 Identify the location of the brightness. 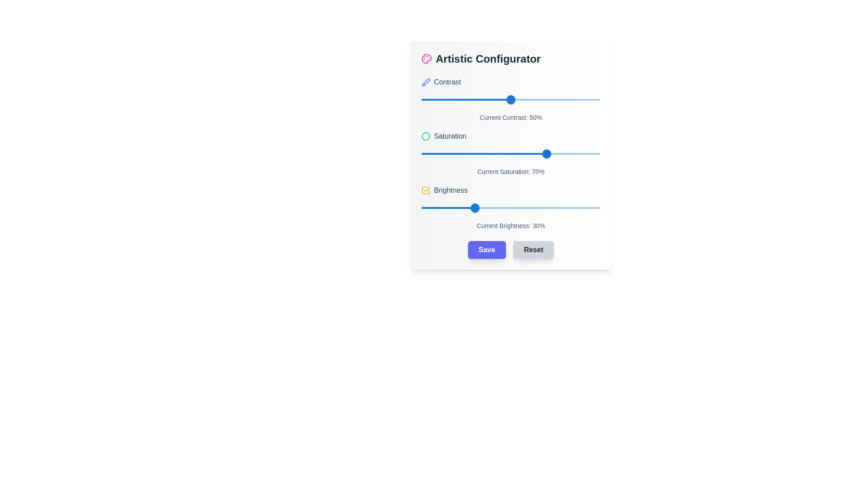
(540, 208).